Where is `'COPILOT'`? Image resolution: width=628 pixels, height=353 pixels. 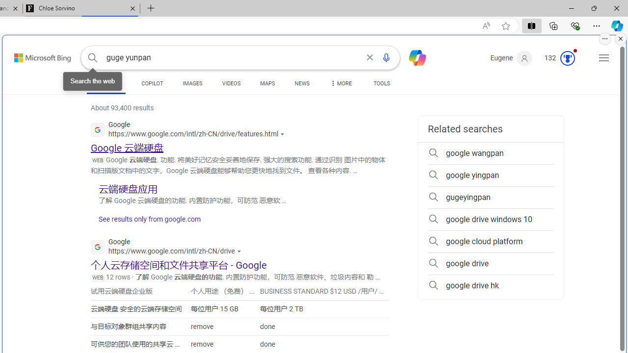
'COPILOT' is located at coordinates (152, 83).